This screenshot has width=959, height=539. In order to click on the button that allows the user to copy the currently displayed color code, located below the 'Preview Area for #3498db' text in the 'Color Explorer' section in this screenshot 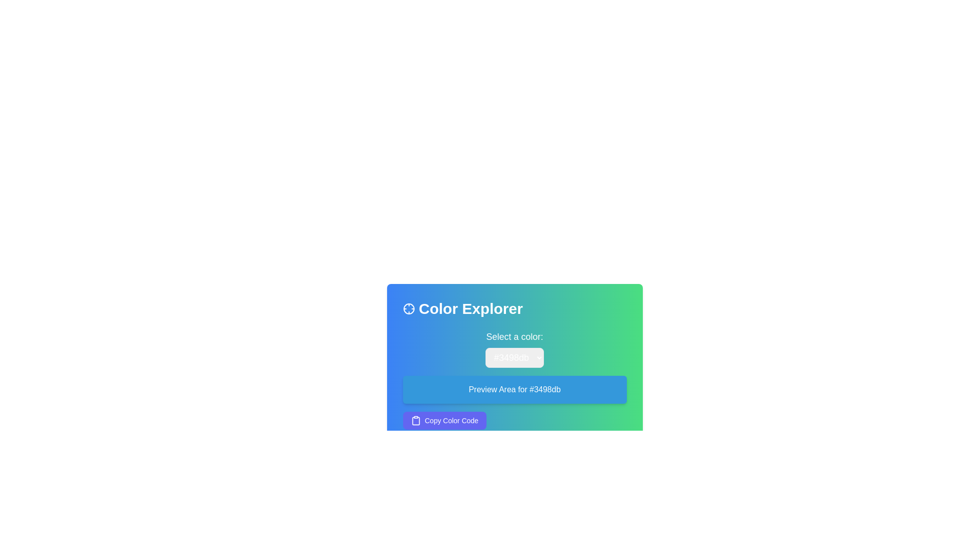, I will do `click(444, 421)`.